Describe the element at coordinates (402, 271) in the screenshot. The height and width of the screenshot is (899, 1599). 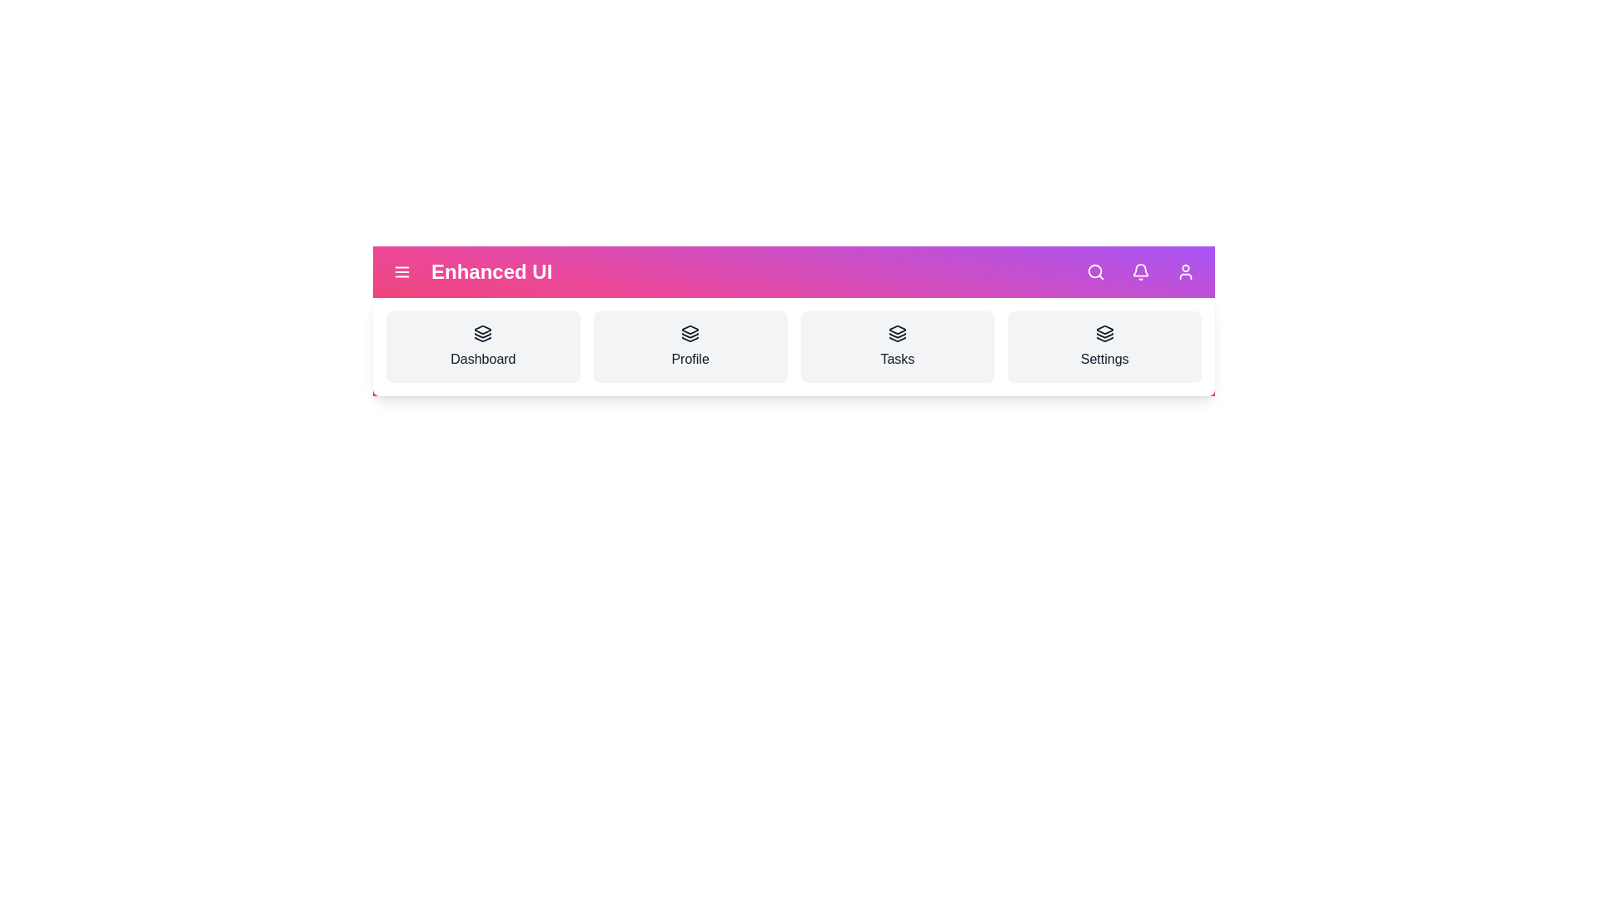
I see `the menu toggle button to change the menu visibility` at that location.